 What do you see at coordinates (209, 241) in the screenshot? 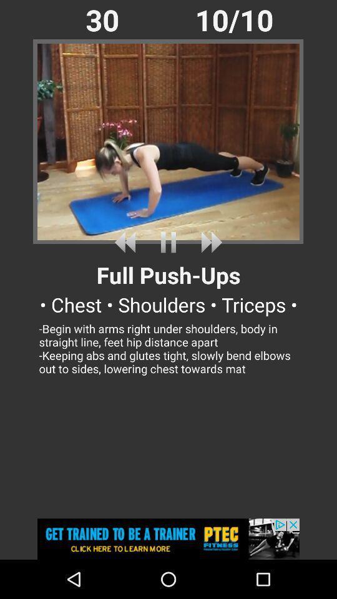
I see `fast forward` at bounding box center [209, 241].